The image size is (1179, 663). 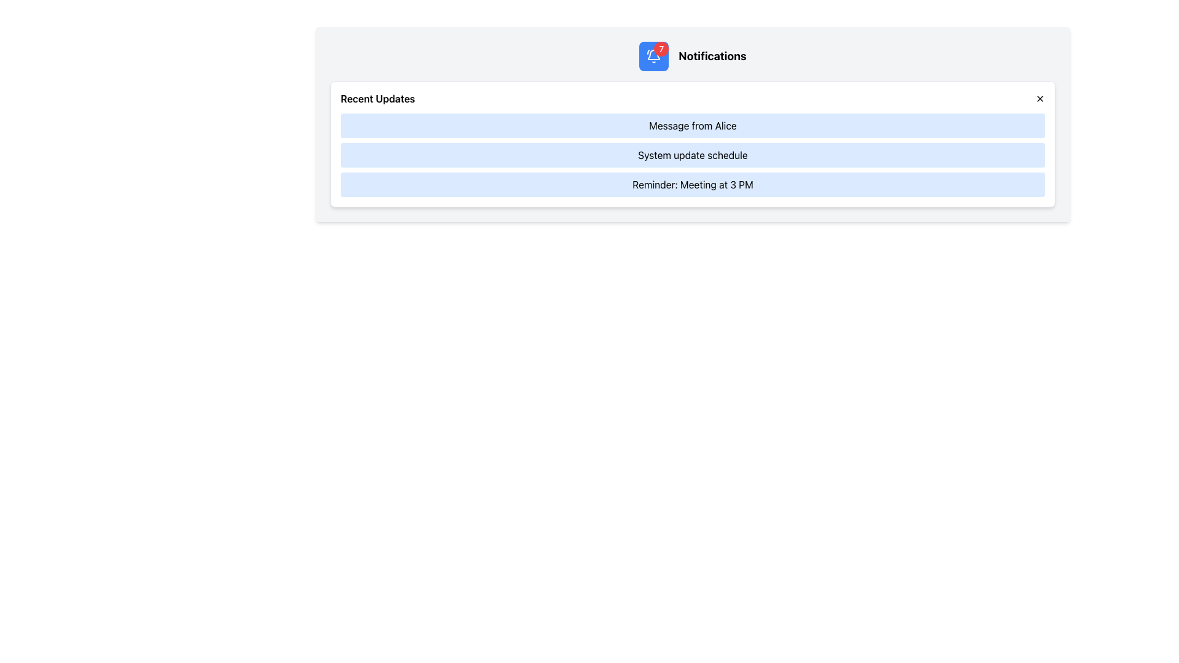 What do you see at coordinates (693, 155) in the screenshot?
I see `the text label displaying 'System update schedule' which is part of the notifications panel` at bounding box center [693, 155].